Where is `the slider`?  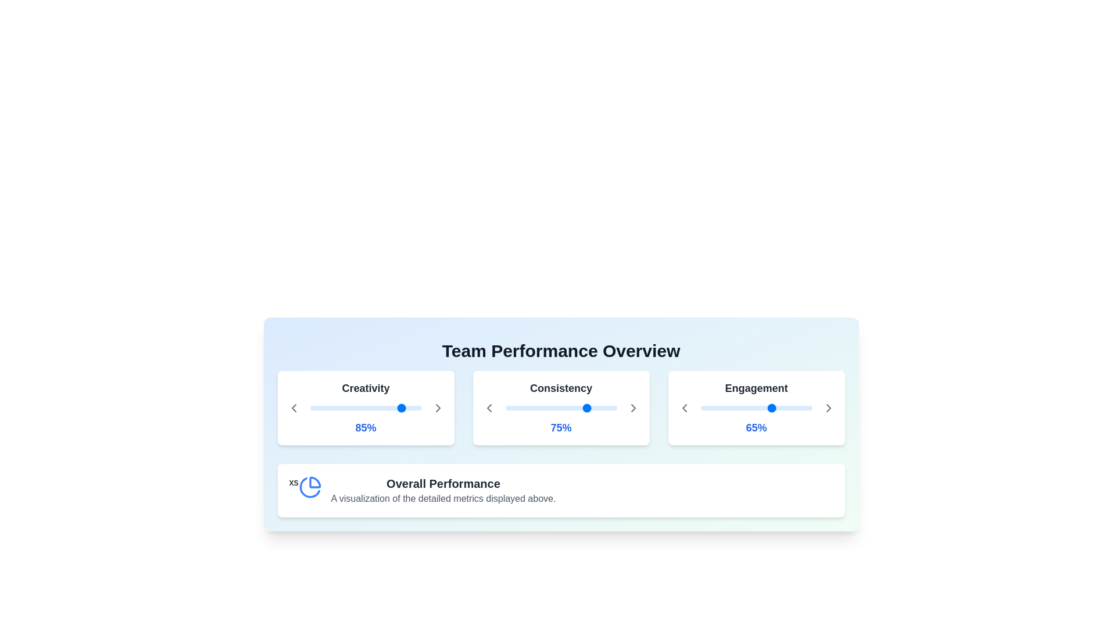
the slider is located at coordinates (407, 408).